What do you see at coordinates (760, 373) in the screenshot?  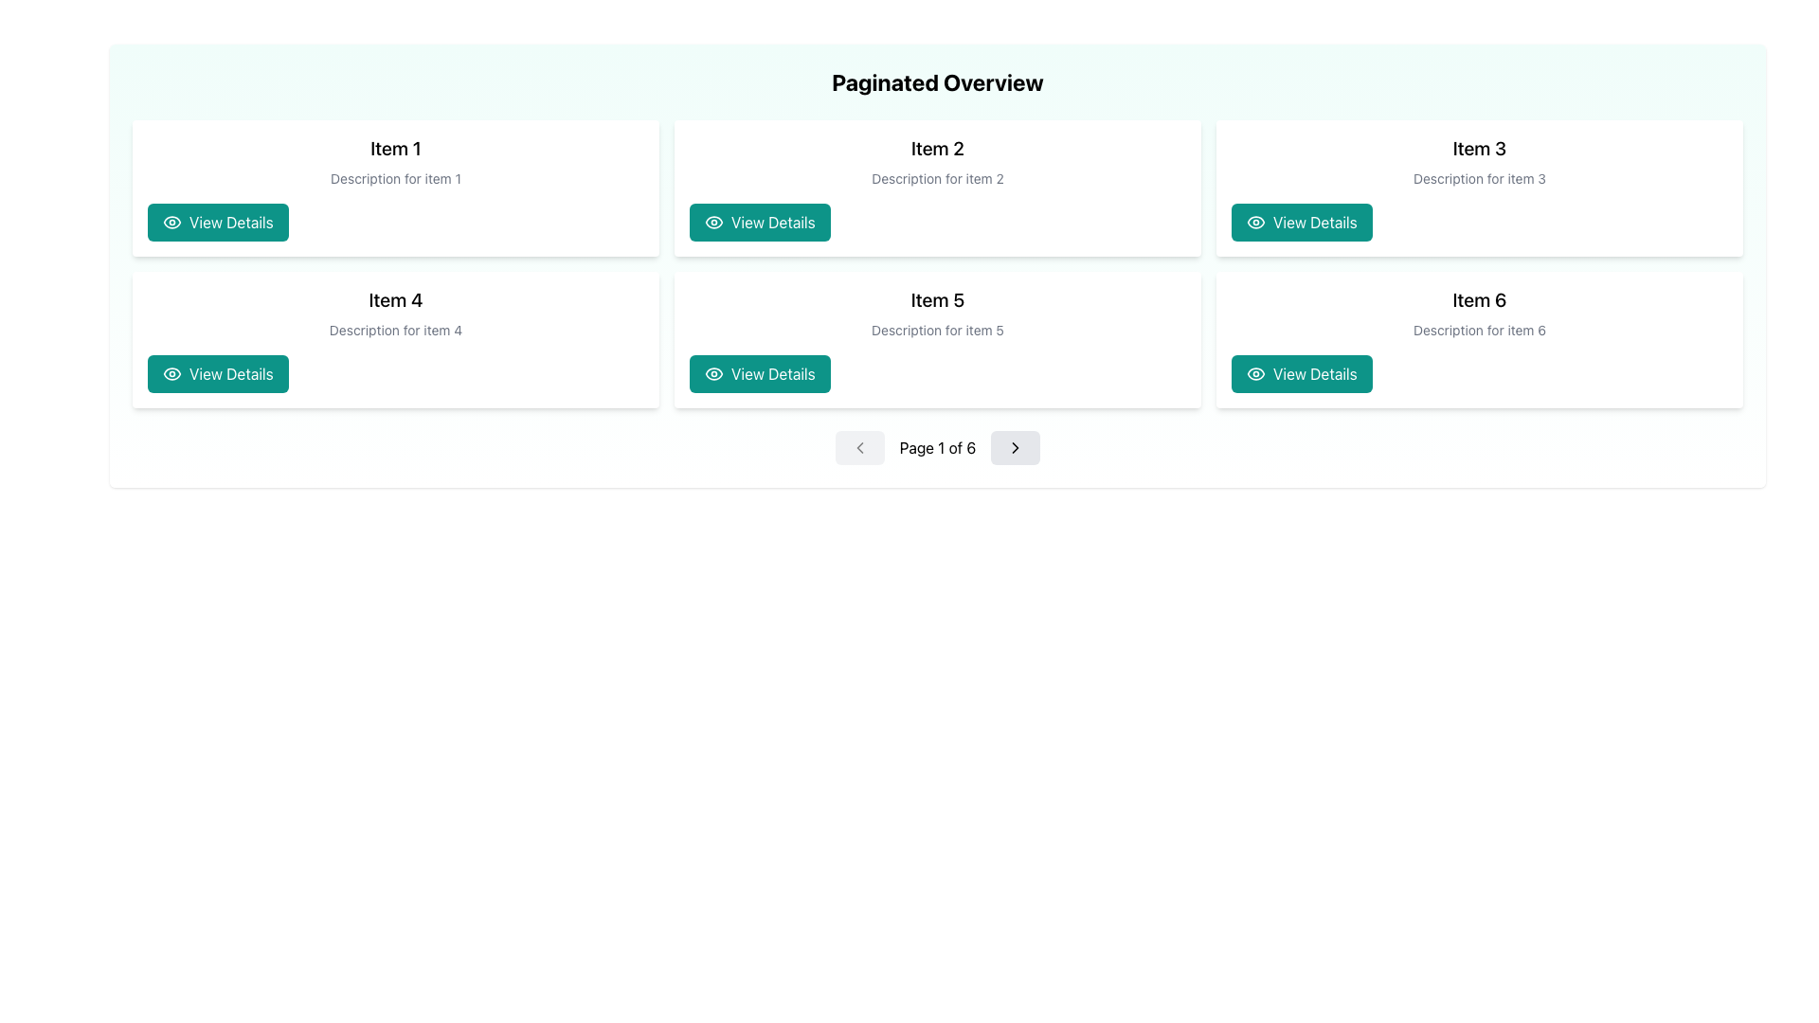 I see `the button related to 'Item 5'` at bounding box center [760, 373].